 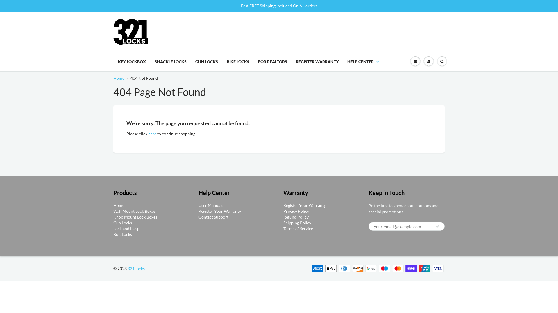 What do you see at coordinates (297, 222) in the screenshot?
I see `'Shipping Policy'` at bounding box center [297, 222].